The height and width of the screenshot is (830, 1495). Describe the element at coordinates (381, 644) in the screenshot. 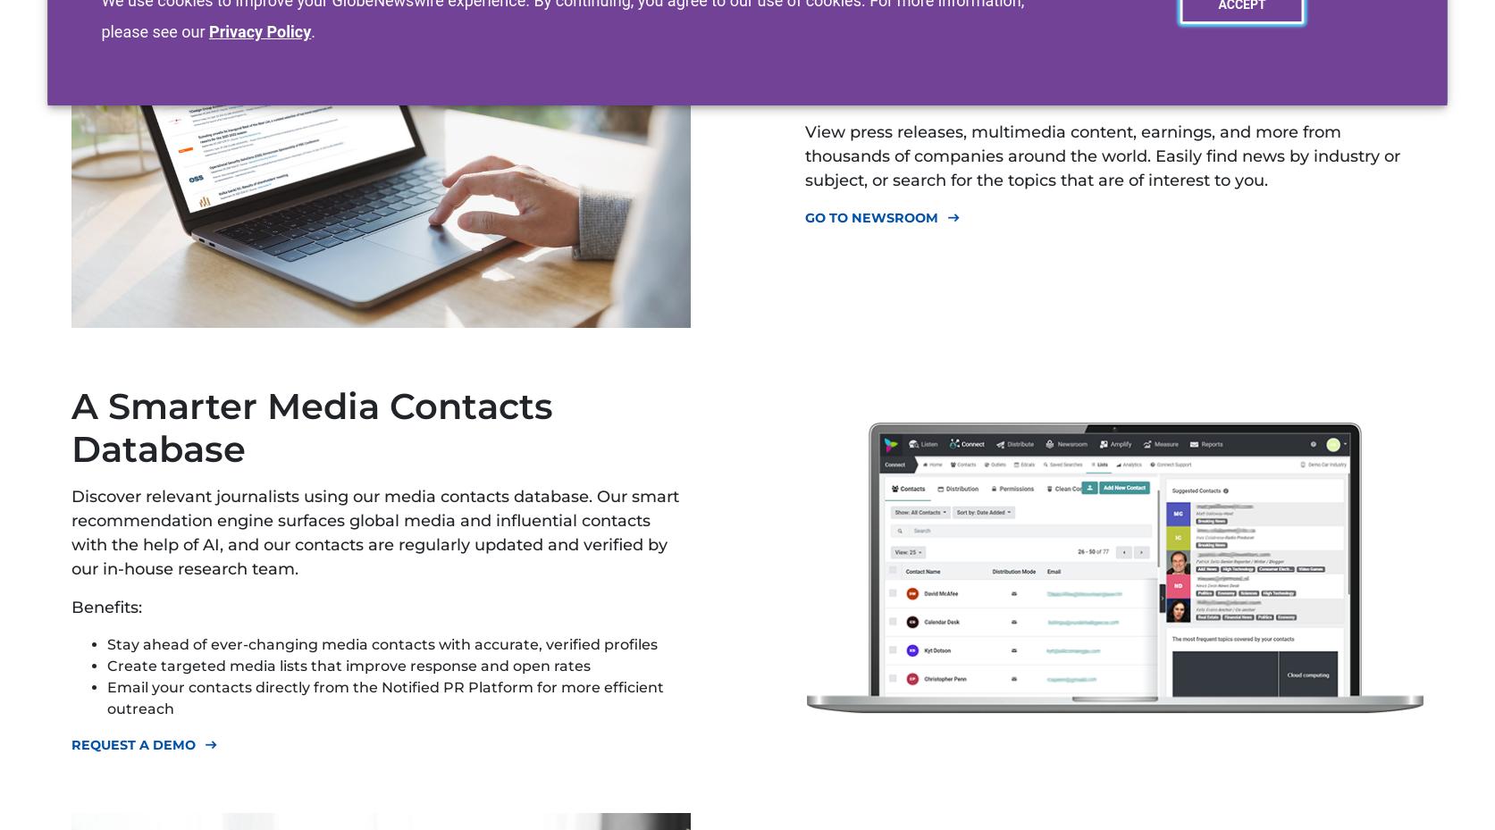

I see `'Stay ahead of ever-changing media contacts with accurate, verified profiles'` at that location.